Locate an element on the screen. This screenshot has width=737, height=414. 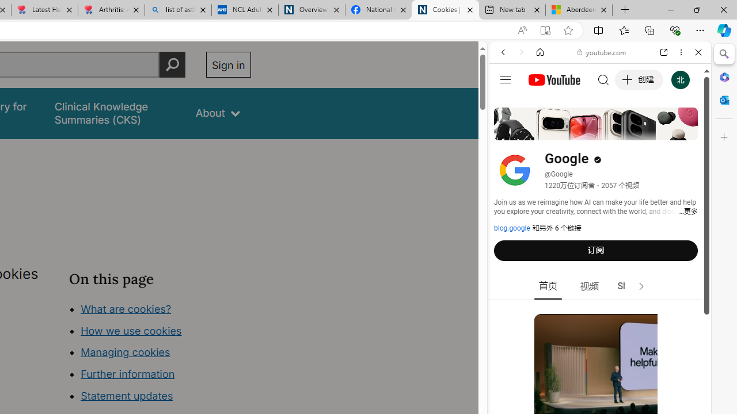
'Perform search' is located at coordinates (172, 64).